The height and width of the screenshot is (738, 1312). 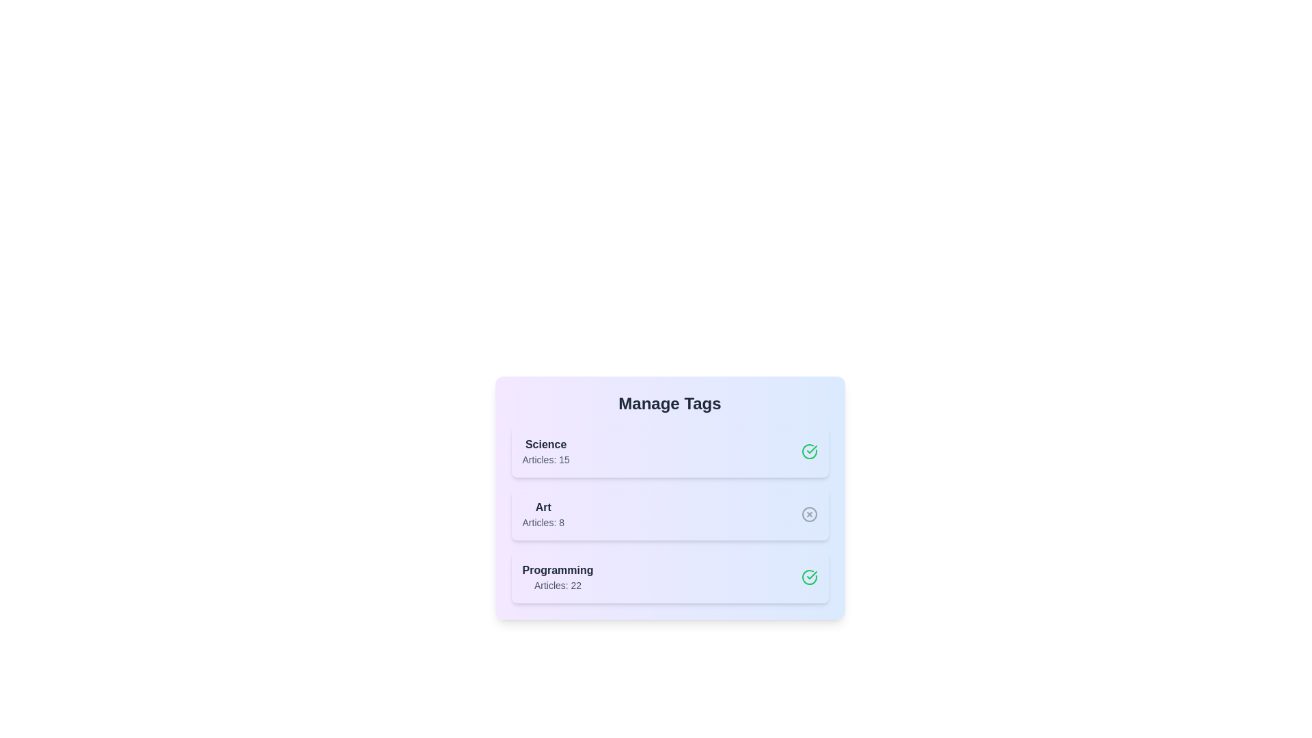 What do you see at coordinates (670, 514) in the screenshot?
I see `the tag labeled Art` at bounding box center [670, 514].